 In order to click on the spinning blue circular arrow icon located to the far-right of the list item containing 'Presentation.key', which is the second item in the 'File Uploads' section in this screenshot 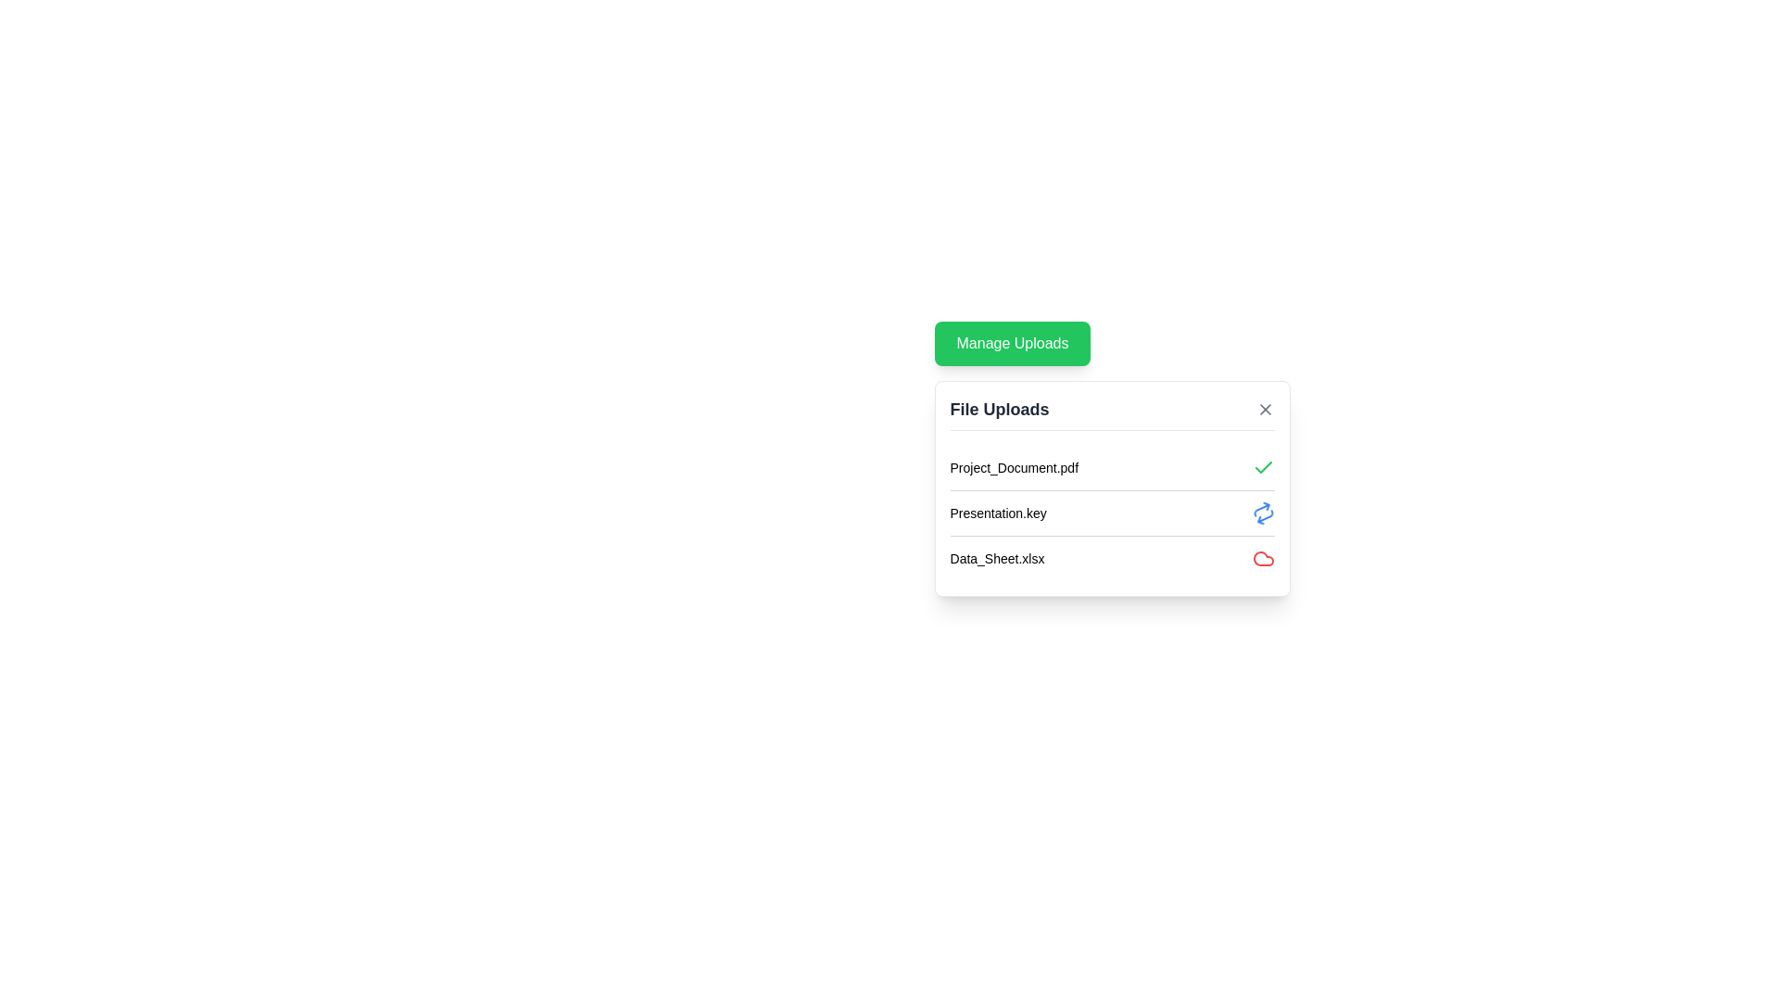, I will do `click(1262, 513)`.